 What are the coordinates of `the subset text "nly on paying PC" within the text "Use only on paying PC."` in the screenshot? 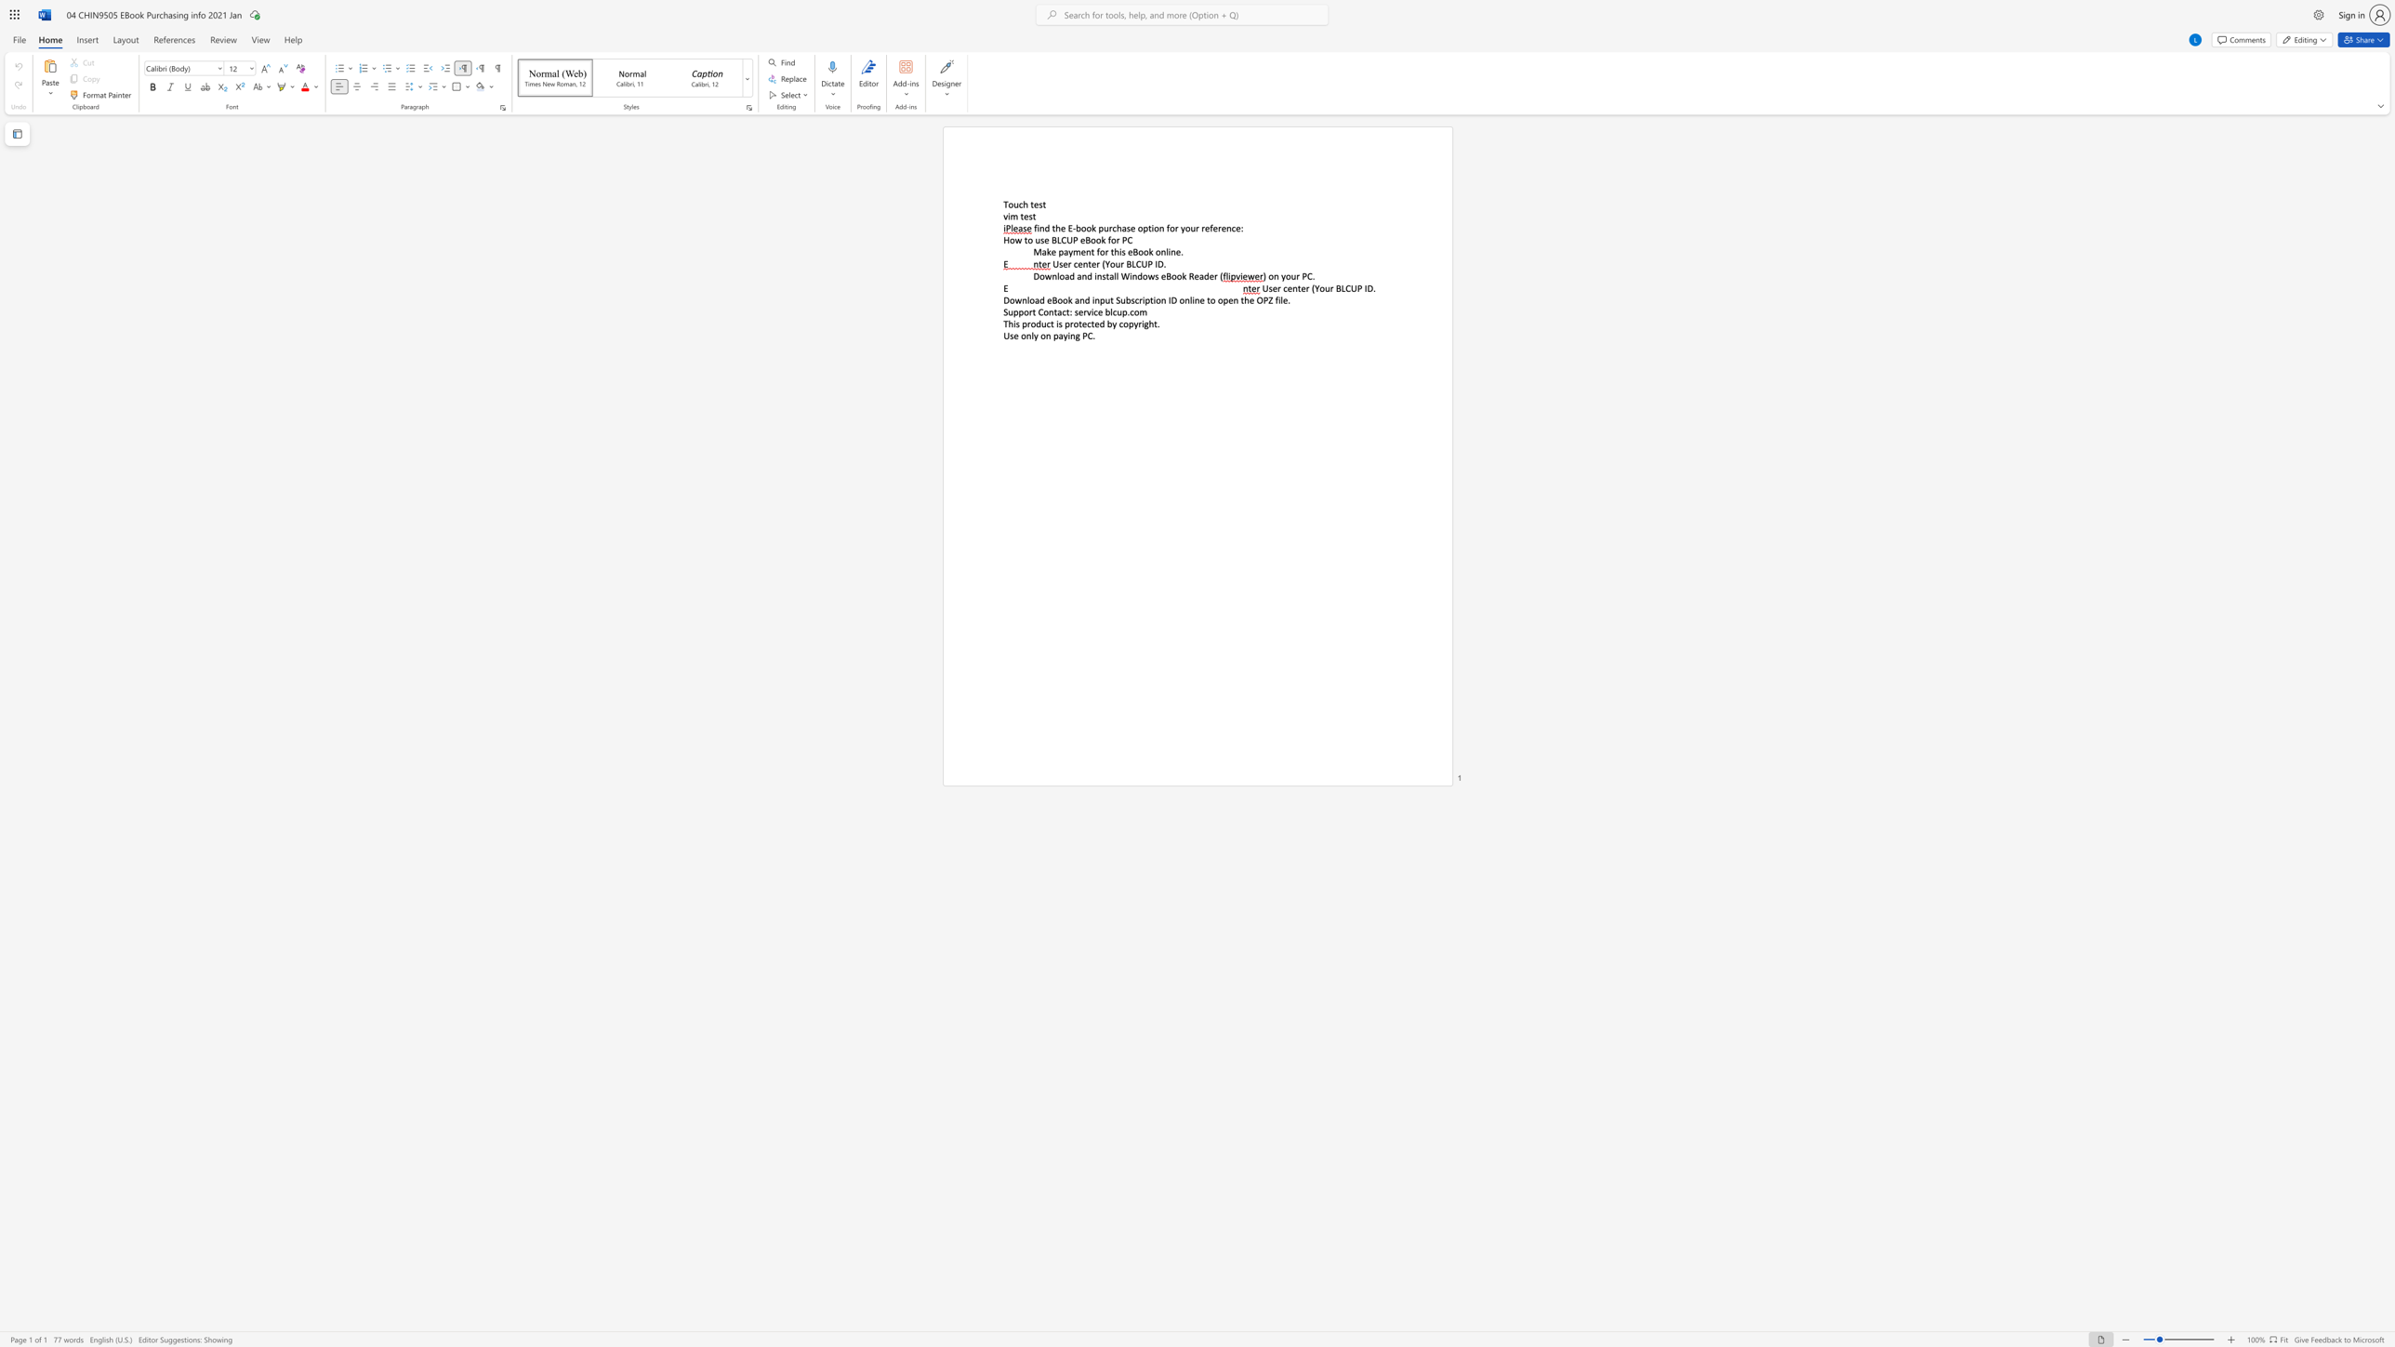 It's located at (1025, 336).